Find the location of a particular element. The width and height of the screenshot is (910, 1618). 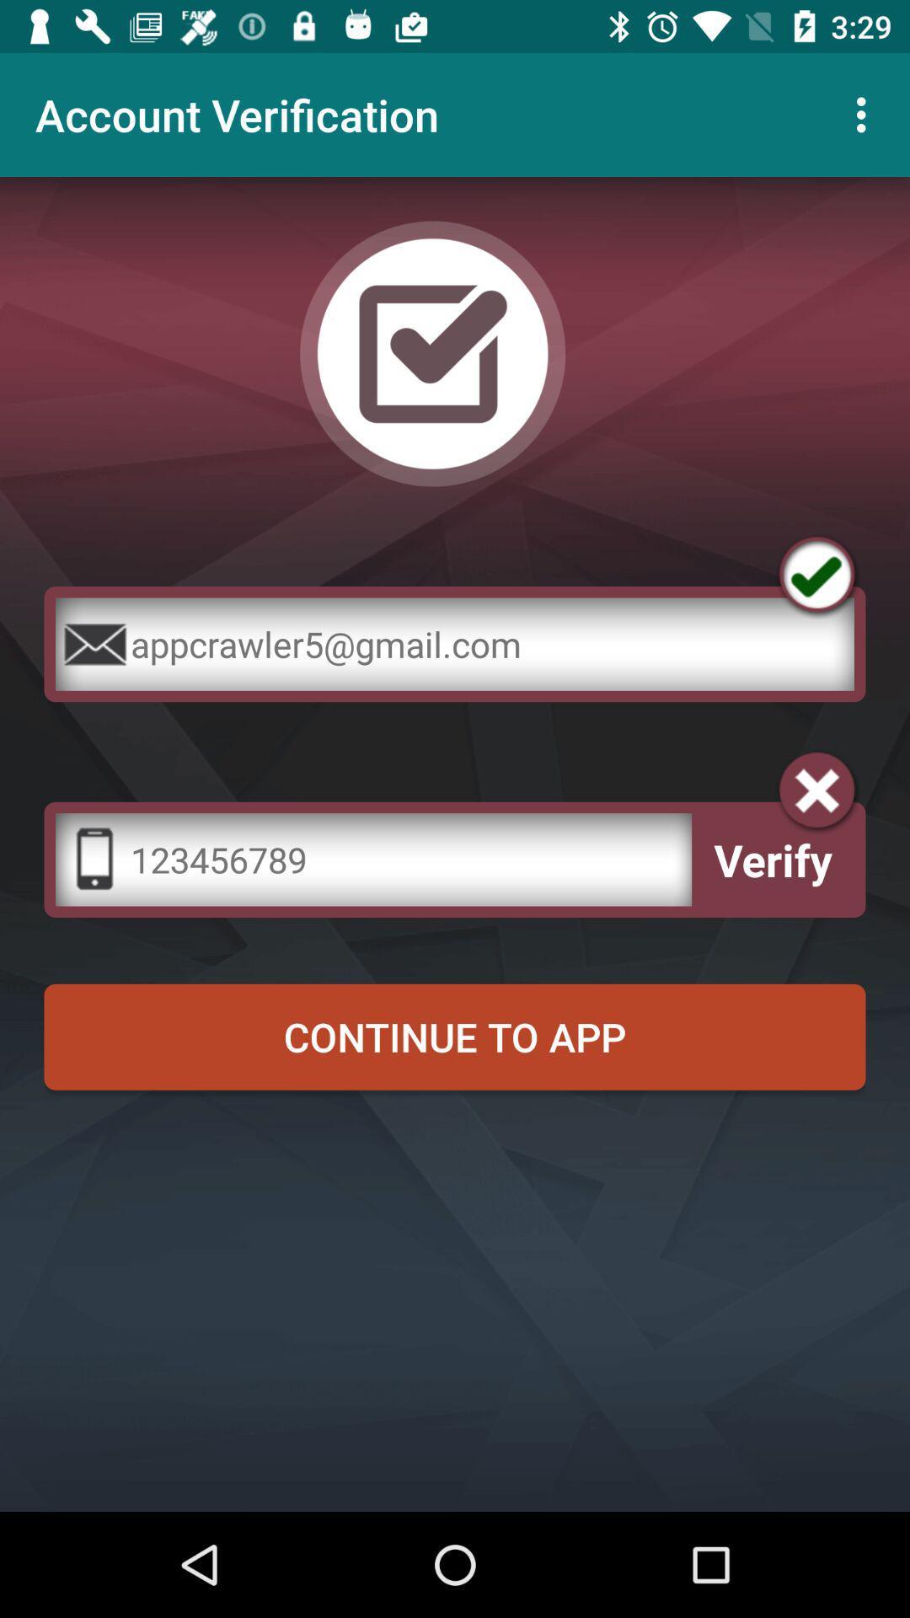

item next to the account verification is located at coordinates (865, 114).